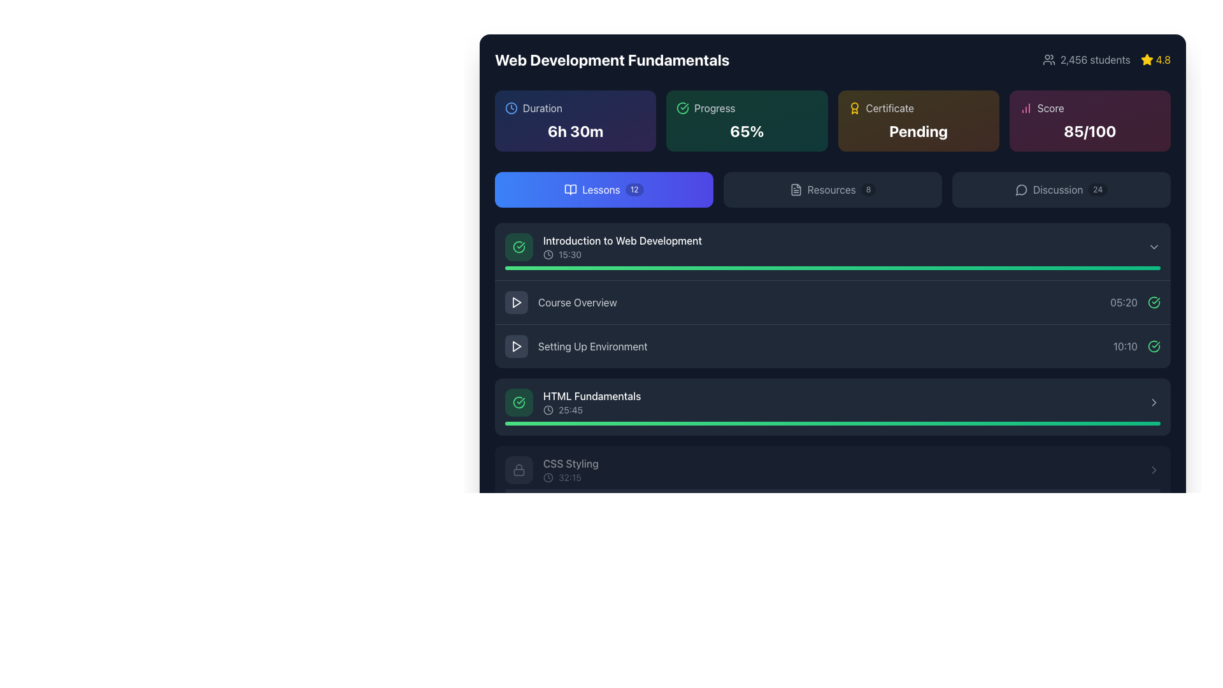 The image size is (1223, 688). Describe the element at coordinates (548, 255) in the screenshot. I see `the circular outline of the clock face within the SVG clock icon, which is located near the title 'Introduction to Web Development' and the duration '15:30'` at that location.